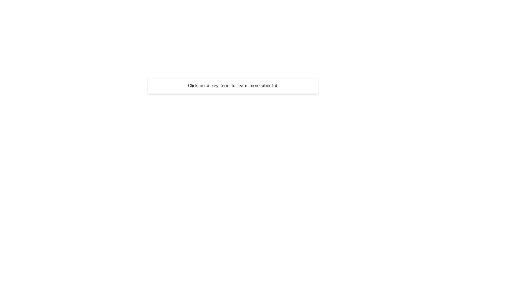  I want to click on the interactive informational text area containing the message 'Click on a key term to learn more about it.', so click(233, 86).